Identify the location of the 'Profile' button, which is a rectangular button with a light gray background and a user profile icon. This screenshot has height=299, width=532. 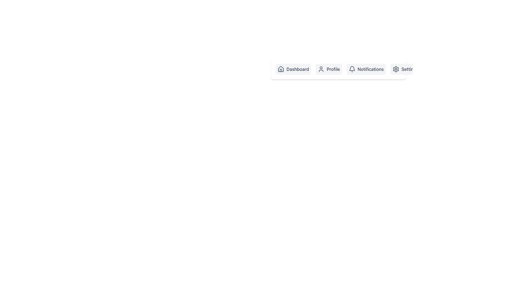
(329, 69).